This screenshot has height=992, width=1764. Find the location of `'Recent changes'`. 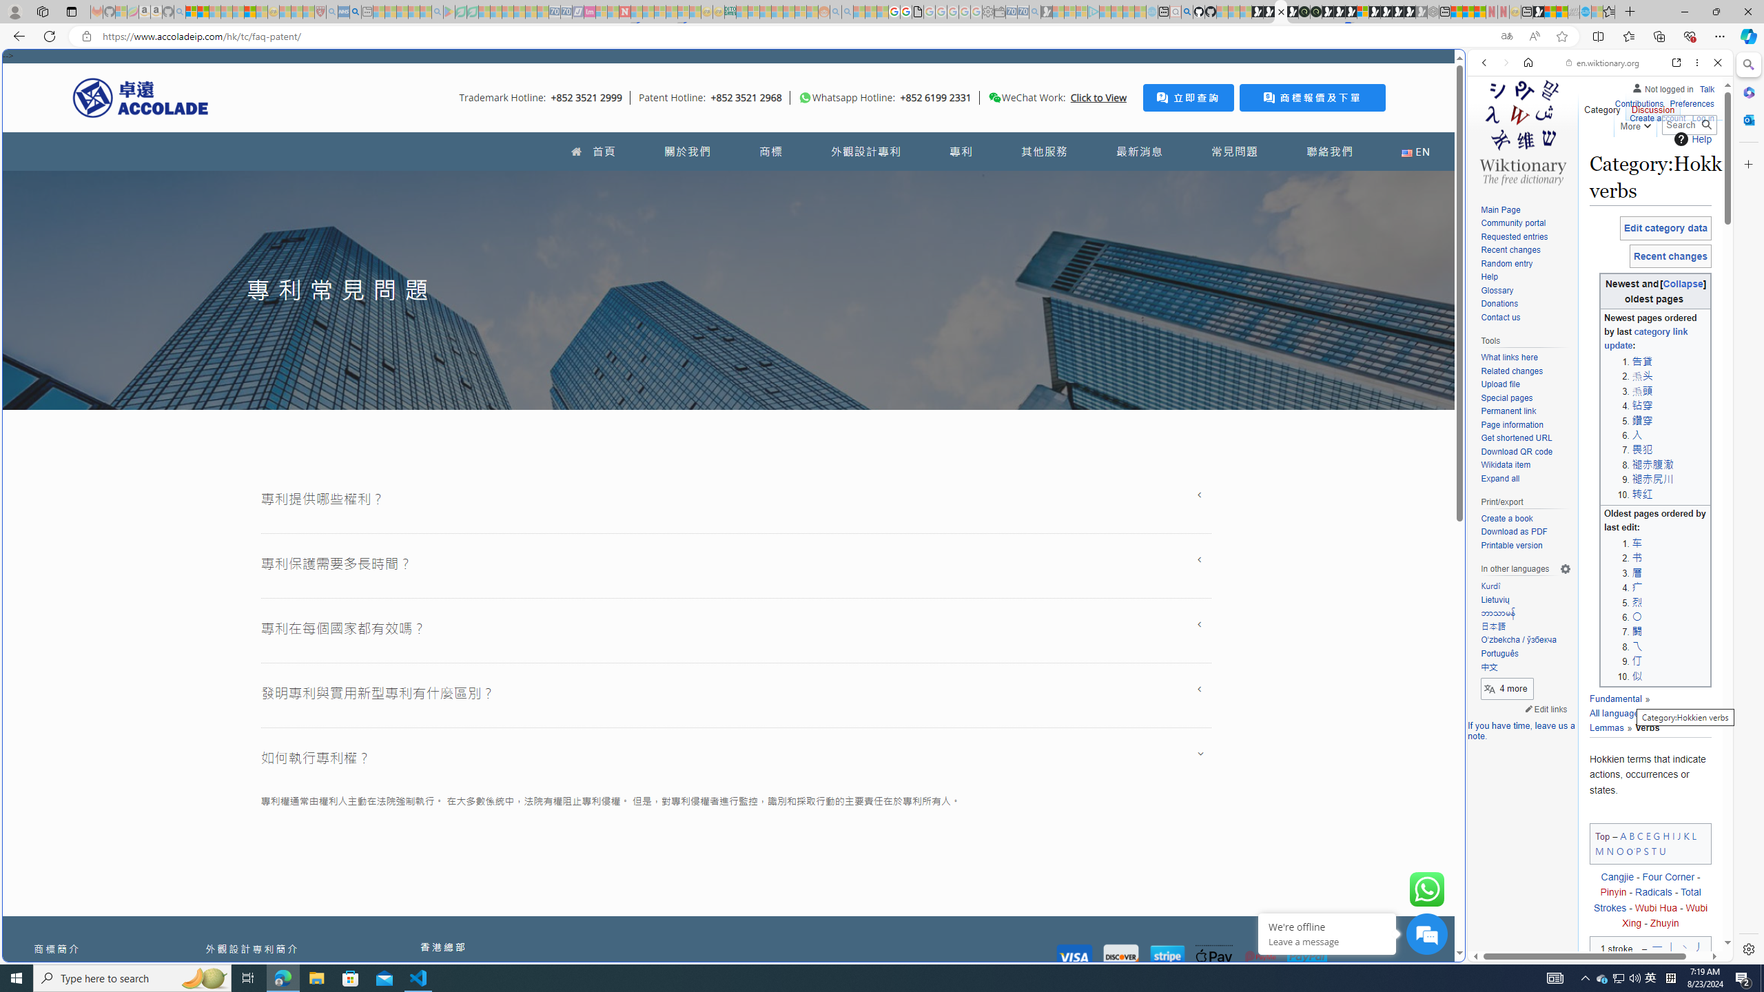

'Recent changes' is located at coordinates (1525, 250).